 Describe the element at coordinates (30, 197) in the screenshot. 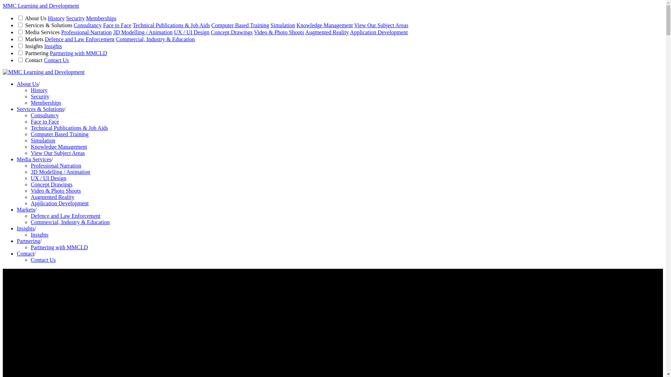

I see `'Augmented Reality'` at that location.